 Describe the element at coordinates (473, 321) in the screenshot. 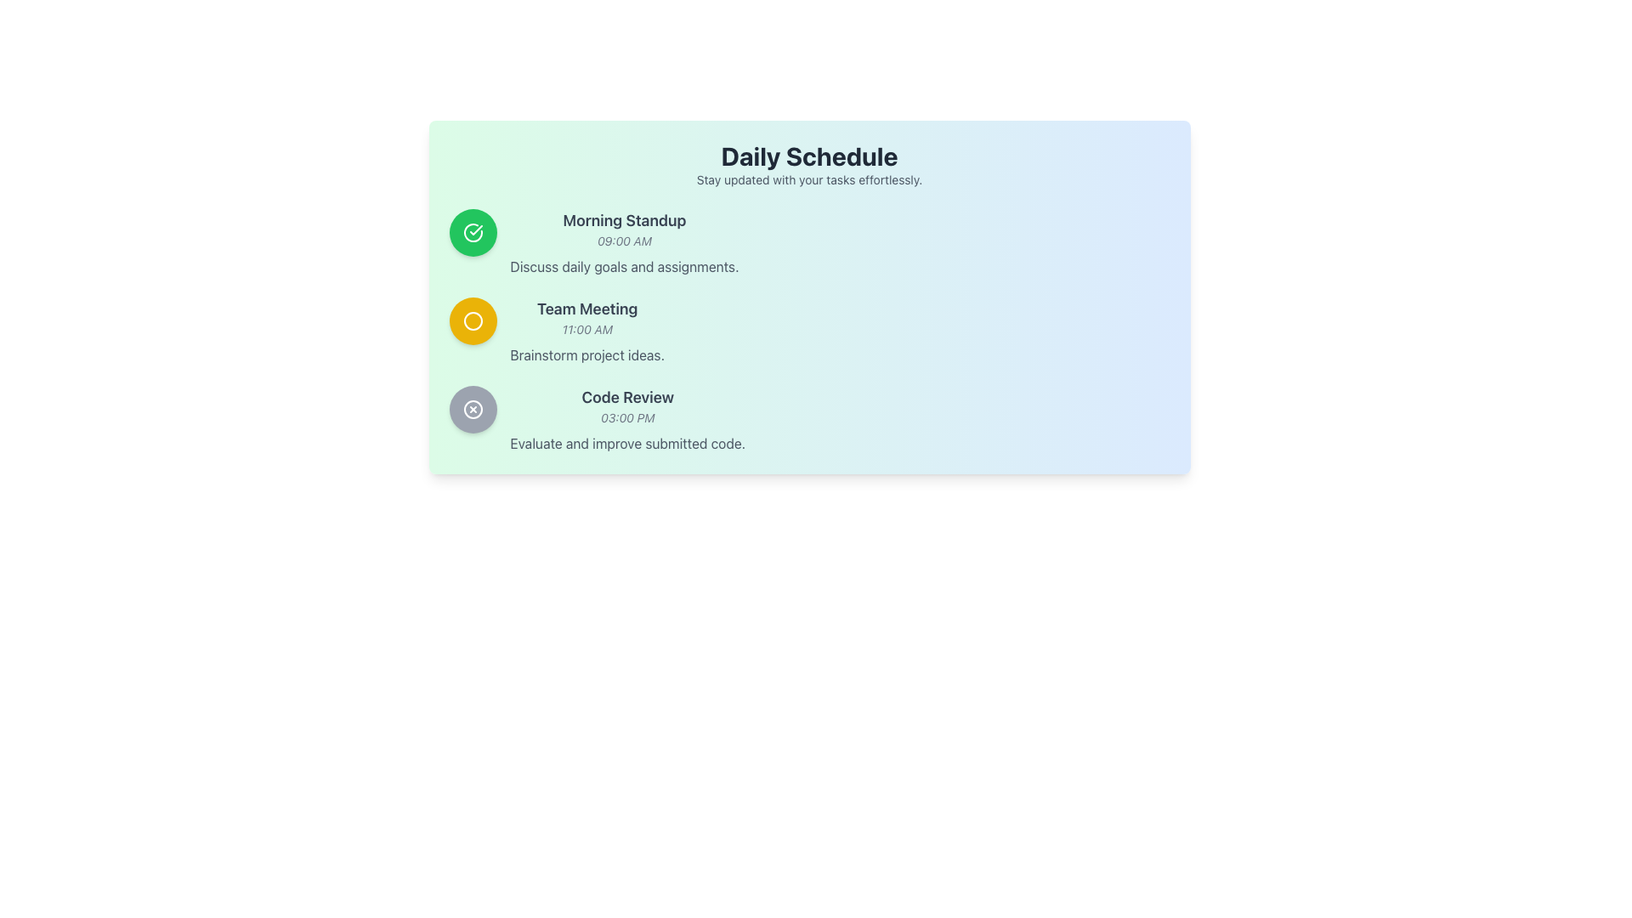

I see `the circular yellow icon button with a white hollow circle icon, located to the left of the 'Team Meeting' text in the daily schedule interface` at that location.